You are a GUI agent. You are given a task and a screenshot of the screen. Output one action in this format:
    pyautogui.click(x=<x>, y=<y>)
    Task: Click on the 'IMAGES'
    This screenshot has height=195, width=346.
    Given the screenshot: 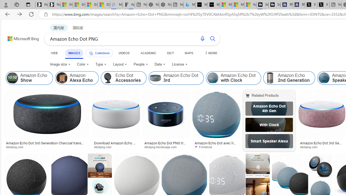 What is the action you would take?
    pyautogui.click(x=74, y=53)
    